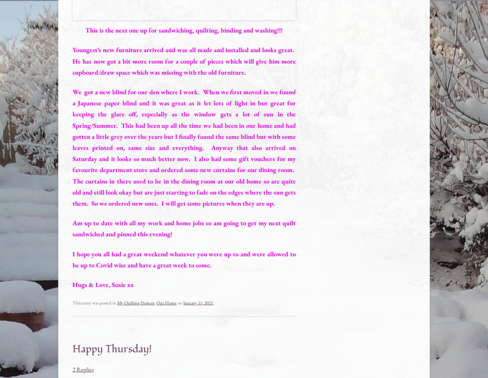 The image size is (488, 378). What do you see at coordinates (213, 303) in the screenshot?
I see `'.'` at bounding box center [213, 303].